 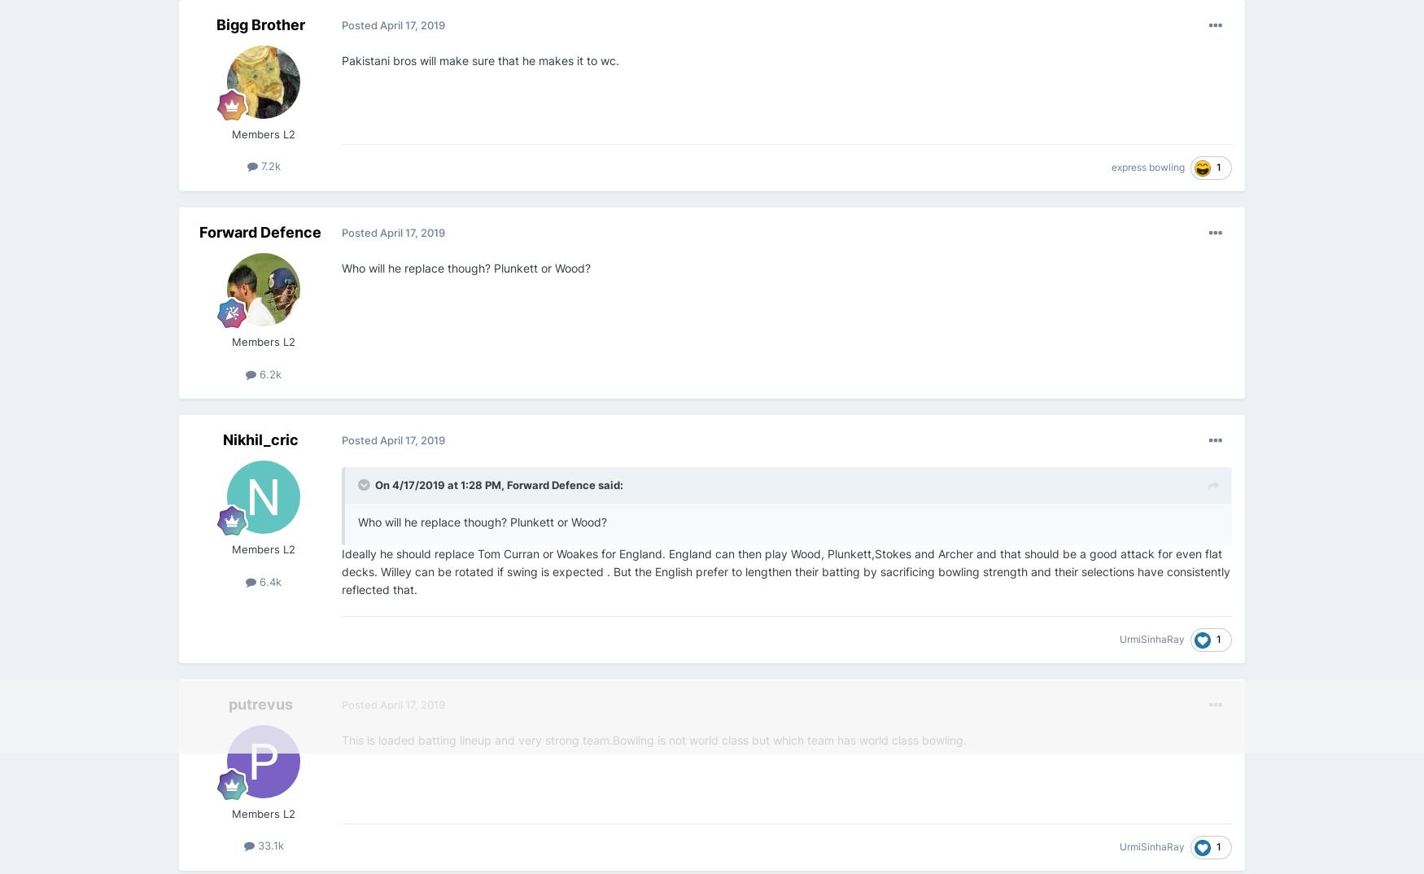 I want to click on '6.2k', so click(x=269, y=373).